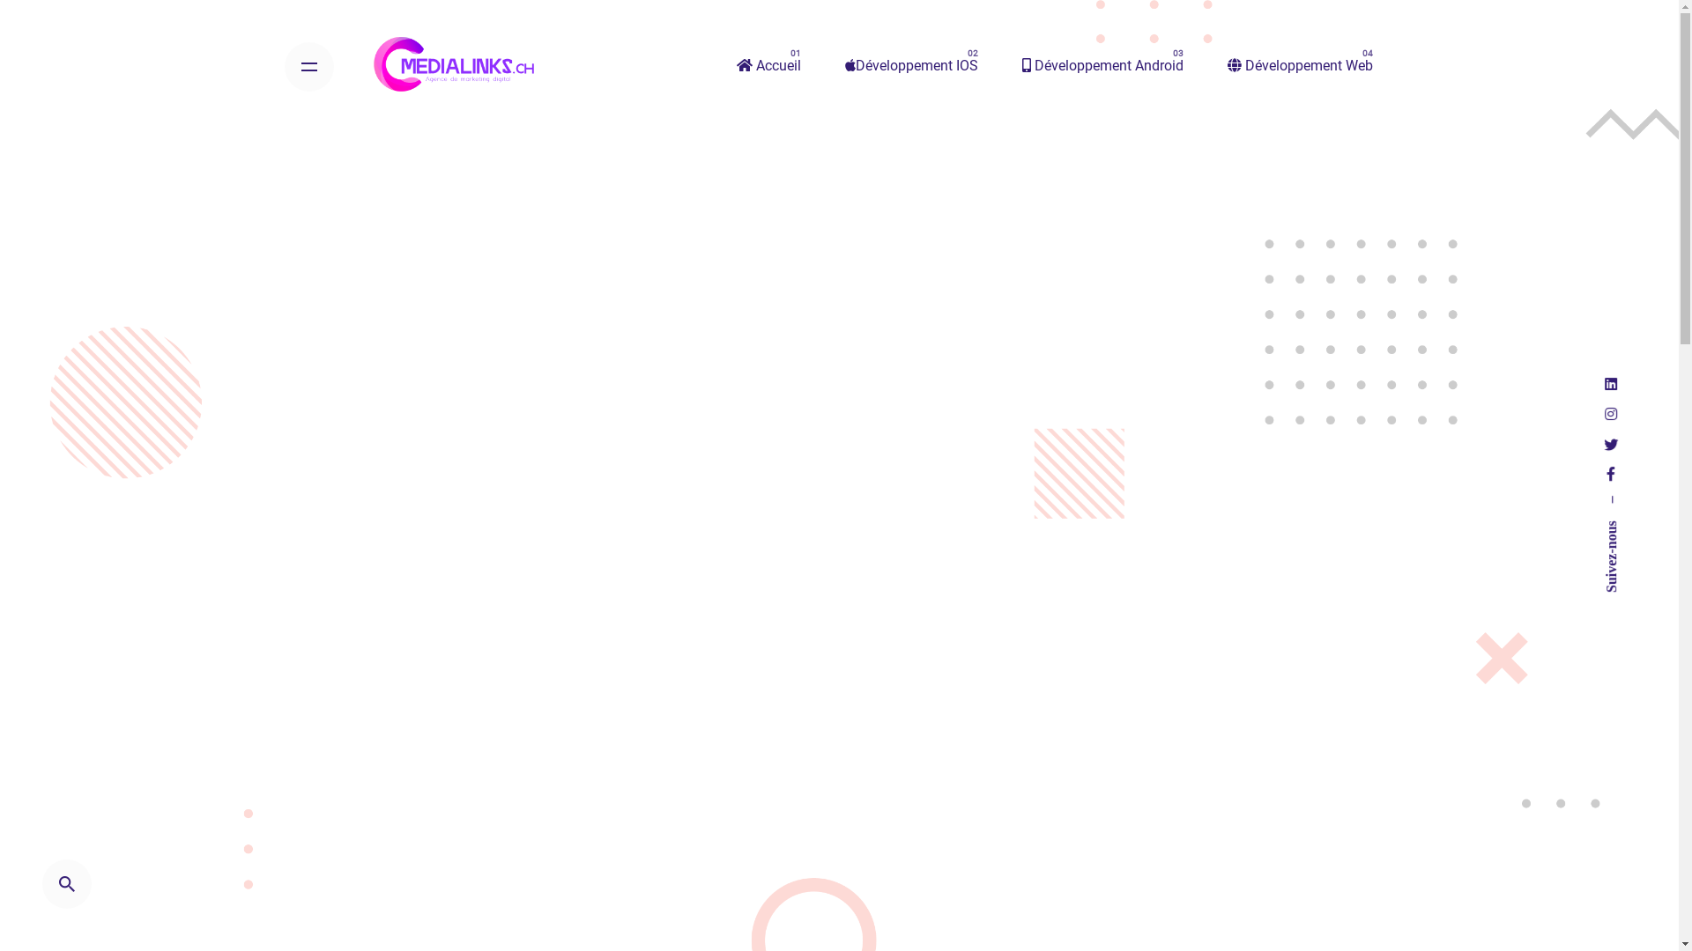 This screenshot has height=951, width=1692. What do you see at coordinates (715, 65) in the screenshot?
I see `'Accueil'` at bounding box center [715, 65].